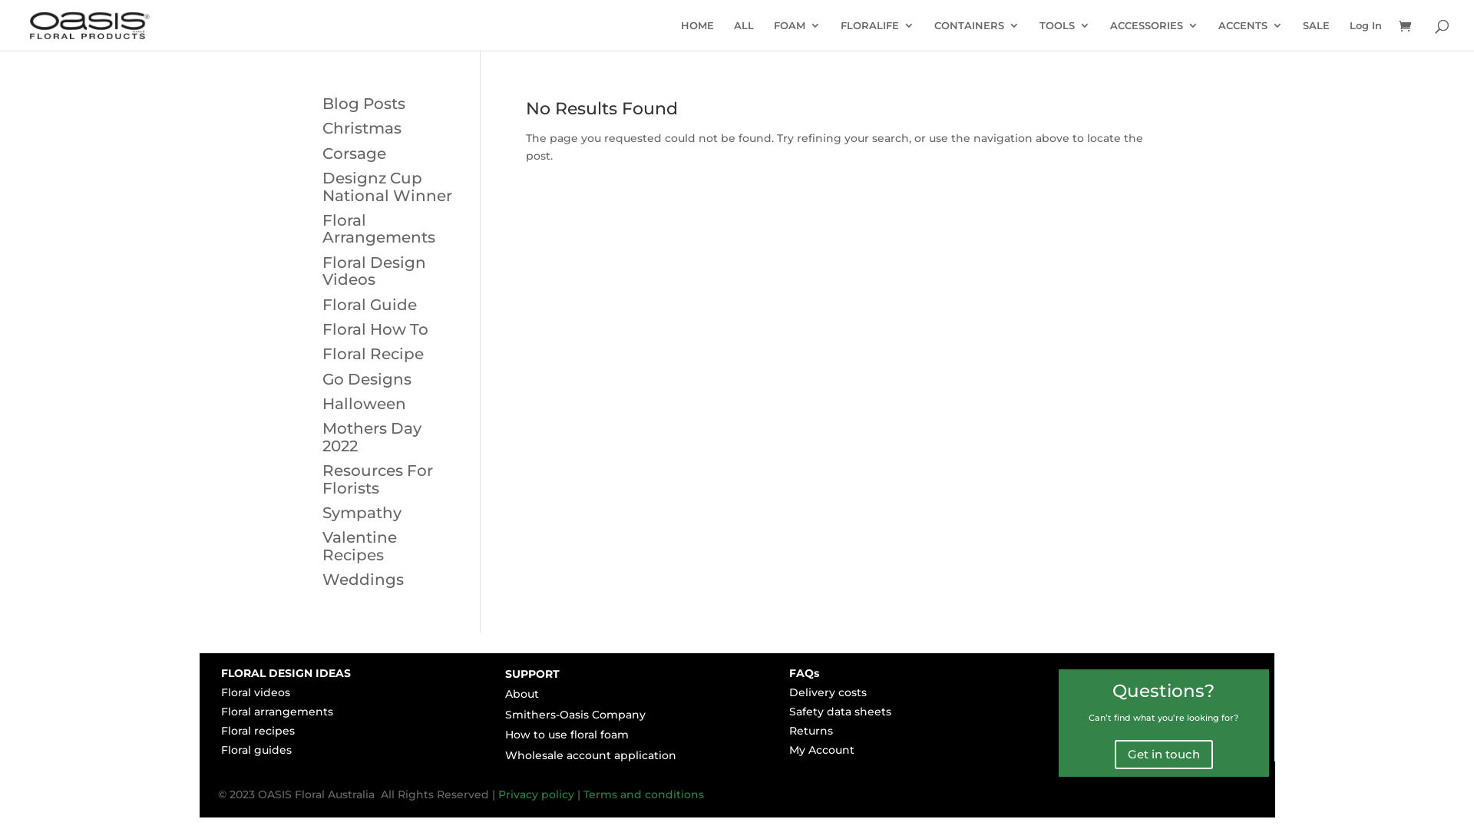 This screenshot has height=829, width=1474. Describe the element at coordinates (369, 305) in the screenshot. I see `'Floral Guide'` at that location.